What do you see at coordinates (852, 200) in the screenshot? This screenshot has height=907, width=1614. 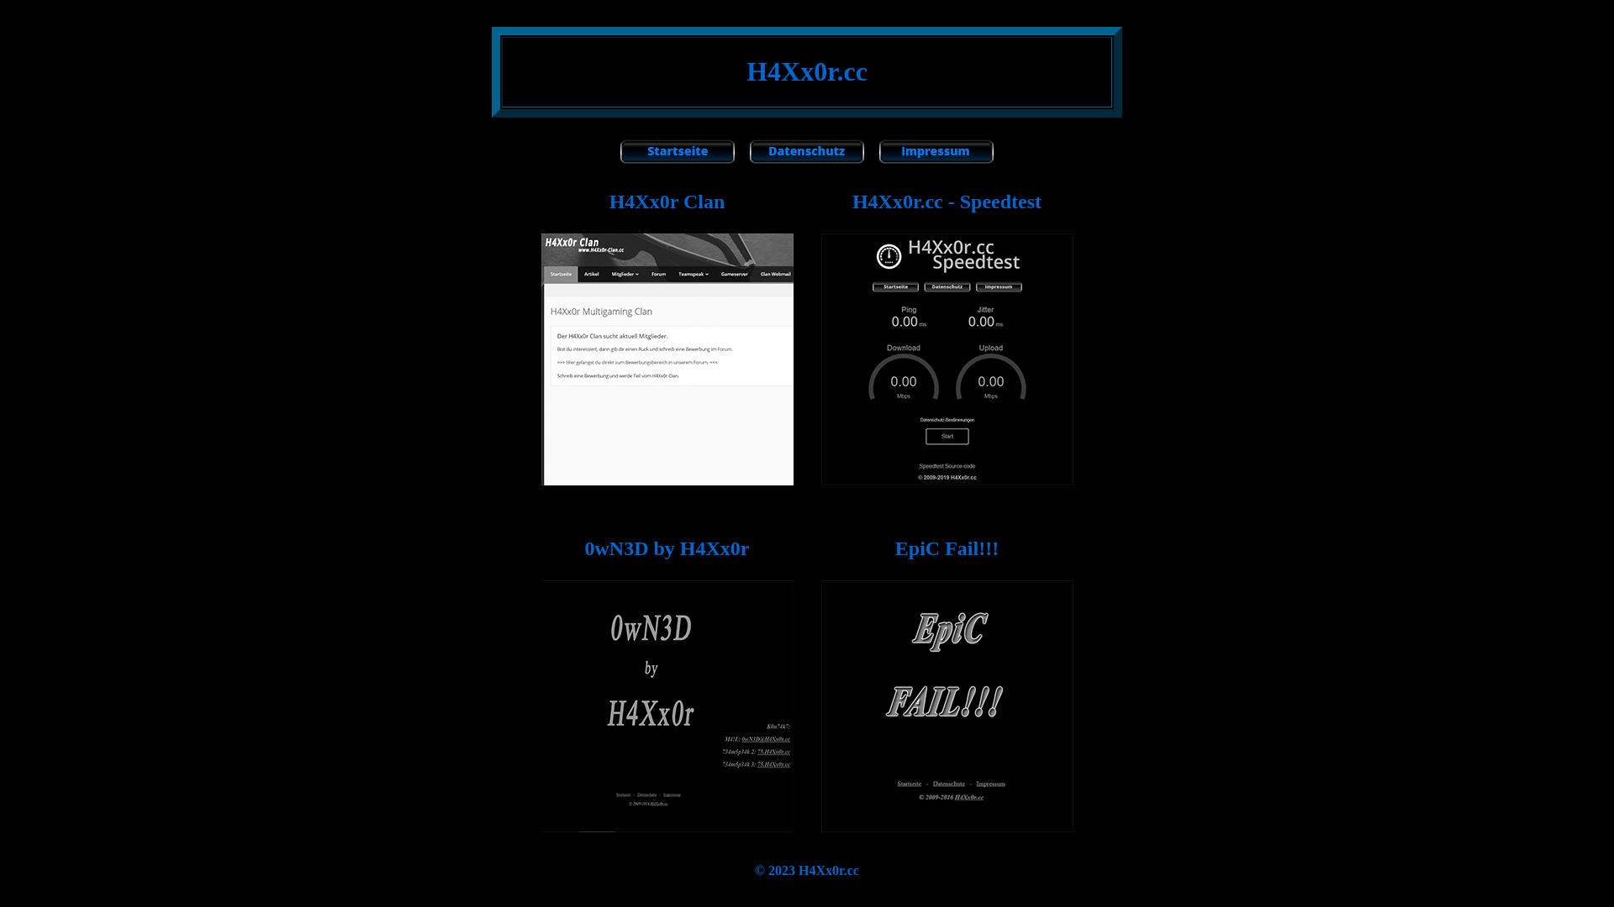 I see `'H4Xx0r.cc - Speedtest'` at bounding box center [852, 200].